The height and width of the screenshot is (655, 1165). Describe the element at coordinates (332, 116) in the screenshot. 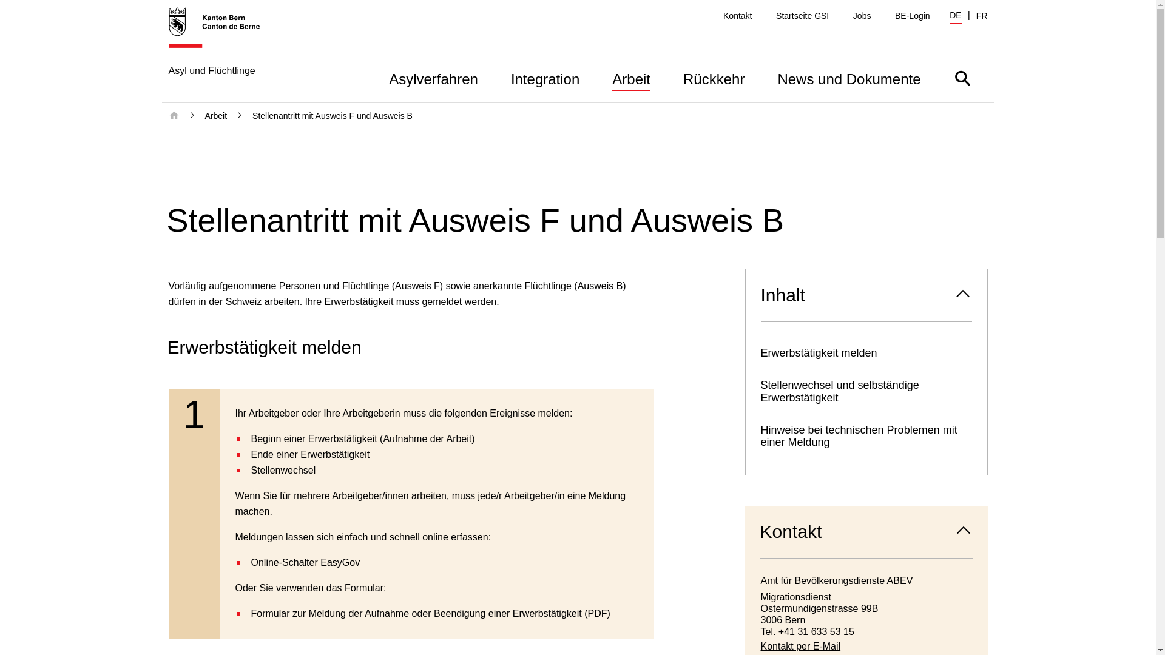

I see `'Stellenantritt mit Ausweis F und Ausweis B'` at that location.